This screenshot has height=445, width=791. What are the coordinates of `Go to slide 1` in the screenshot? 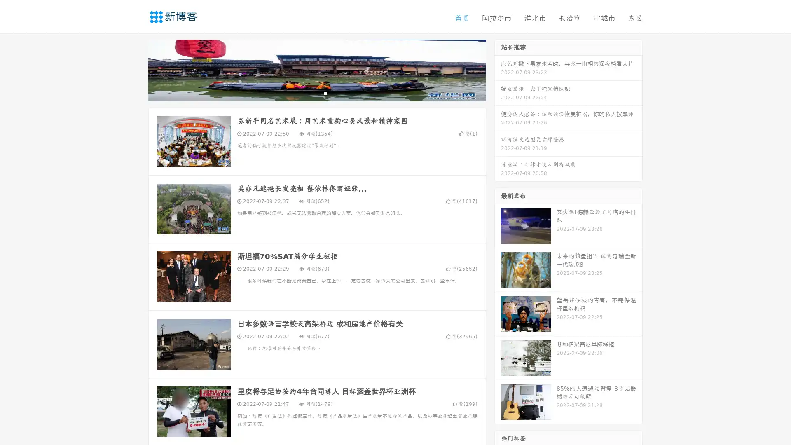 It's located at (308, 93).